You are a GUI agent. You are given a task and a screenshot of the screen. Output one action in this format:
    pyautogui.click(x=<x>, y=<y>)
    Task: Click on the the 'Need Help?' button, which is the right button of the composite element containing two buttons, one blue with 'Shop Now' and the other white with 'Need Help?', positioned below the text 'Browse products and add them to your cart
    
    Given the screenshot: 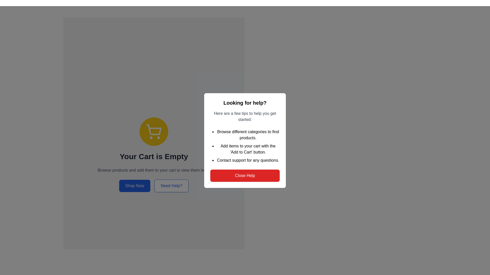 What is the action you would take?
    pyautogui.click(x=154, y=186)
    